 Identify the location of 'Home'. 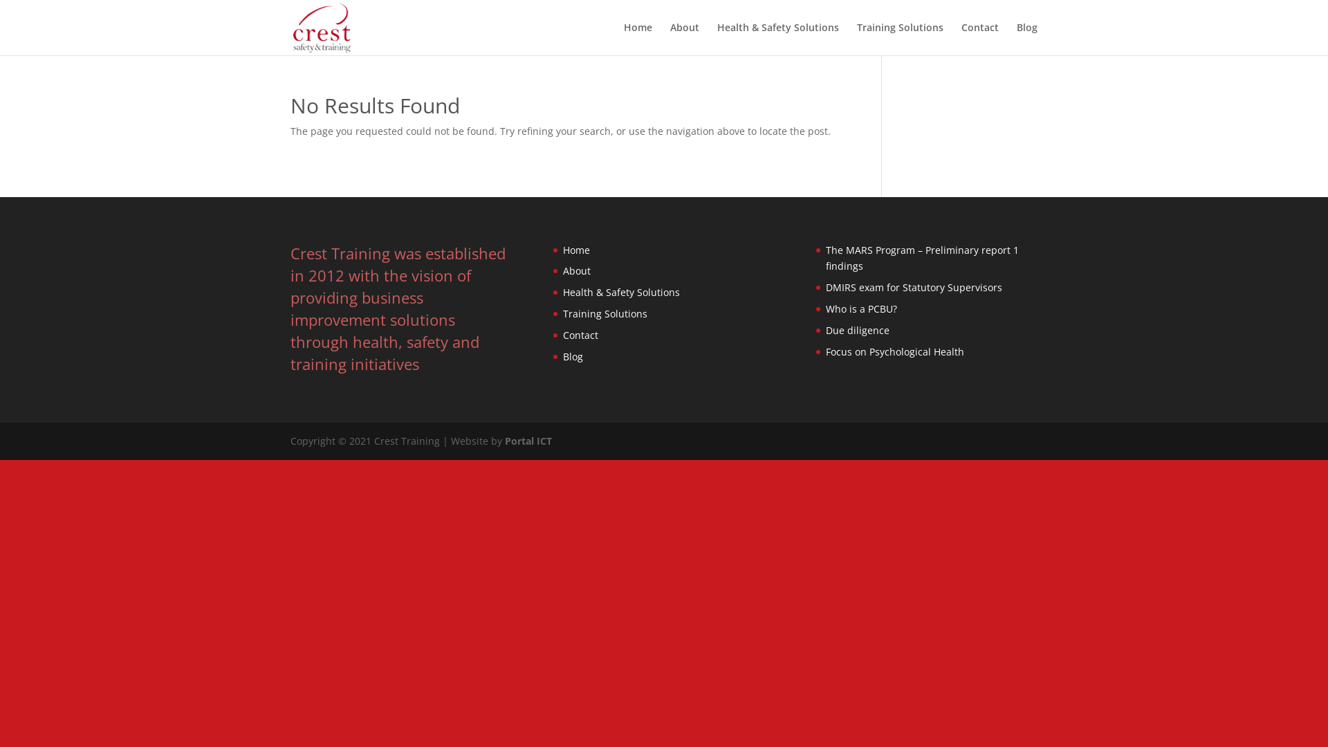
(637, 38).